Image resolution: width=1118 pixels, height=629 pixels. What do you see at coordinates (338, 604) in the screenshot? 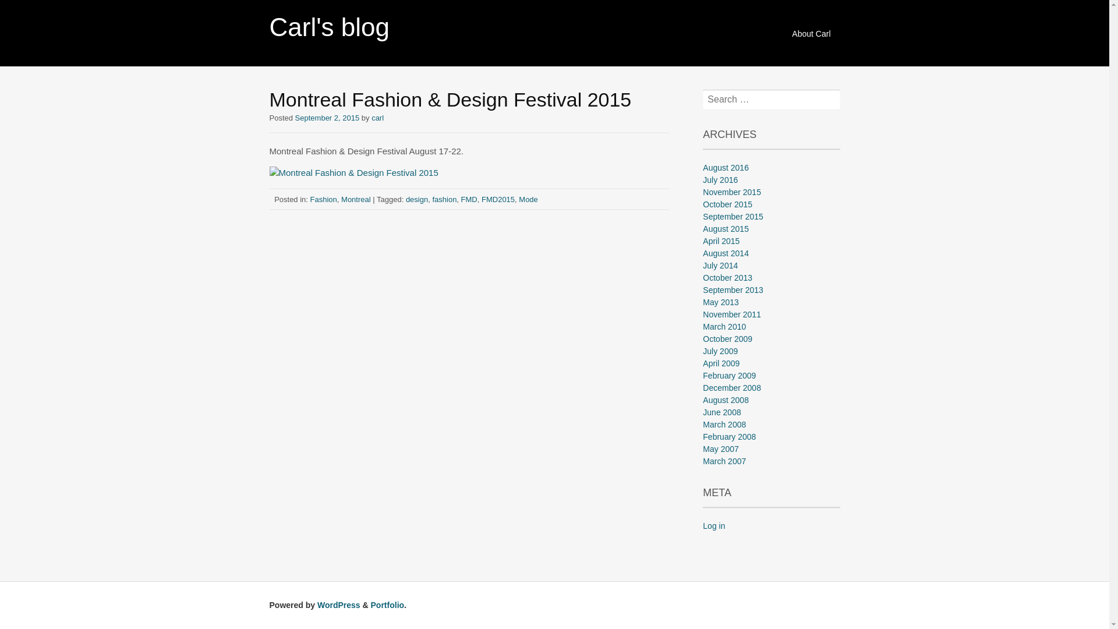
I see `'WordPress'` at bounding box center [338, 604].